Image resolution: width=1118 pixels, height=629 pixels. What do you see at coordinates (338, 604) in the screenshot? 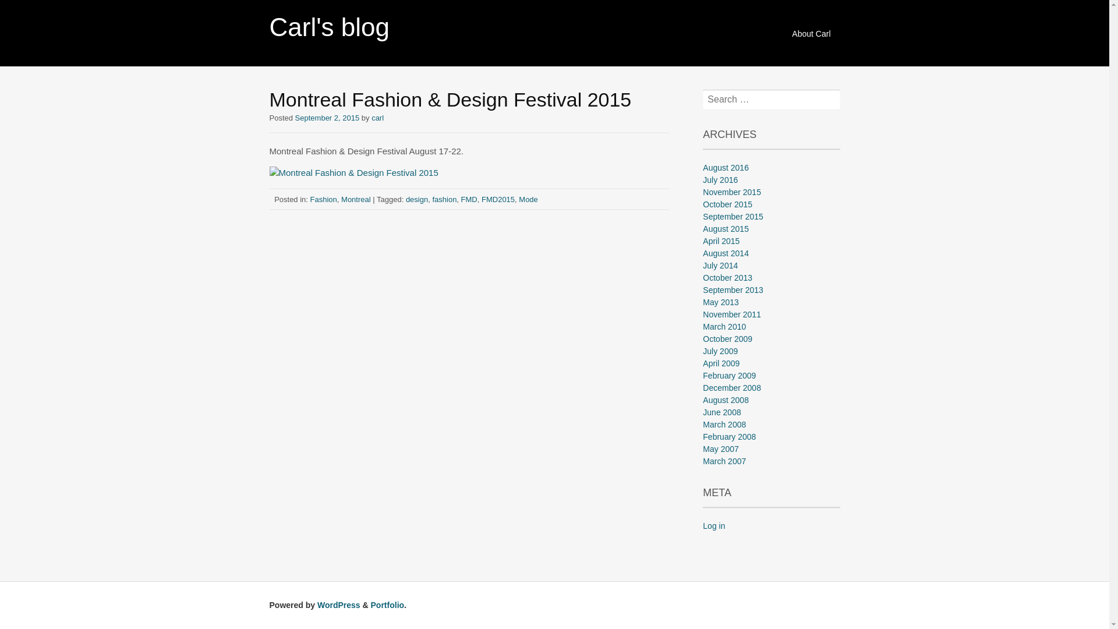
I see `'WordPress'` at bounding box center [338, 604].